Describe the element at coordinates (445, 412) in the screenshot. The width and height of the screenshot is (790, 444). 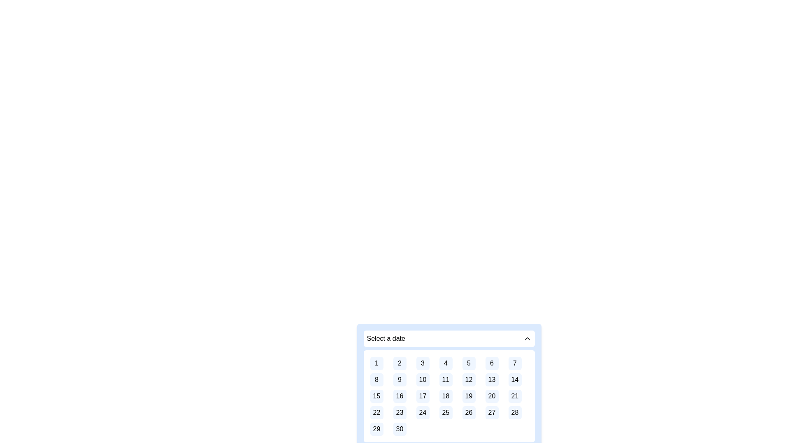
I see `the Calendar day button displaying the number '25', which is a small square box with a light blue background located in the fourth row and fourth column of the calendar layout` at that location.